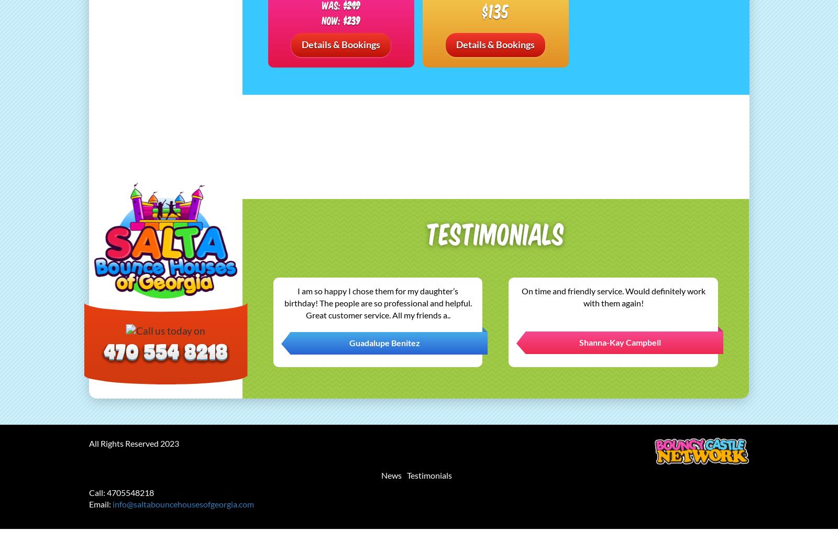  I want to click on 'Email:', so click(100, 503).